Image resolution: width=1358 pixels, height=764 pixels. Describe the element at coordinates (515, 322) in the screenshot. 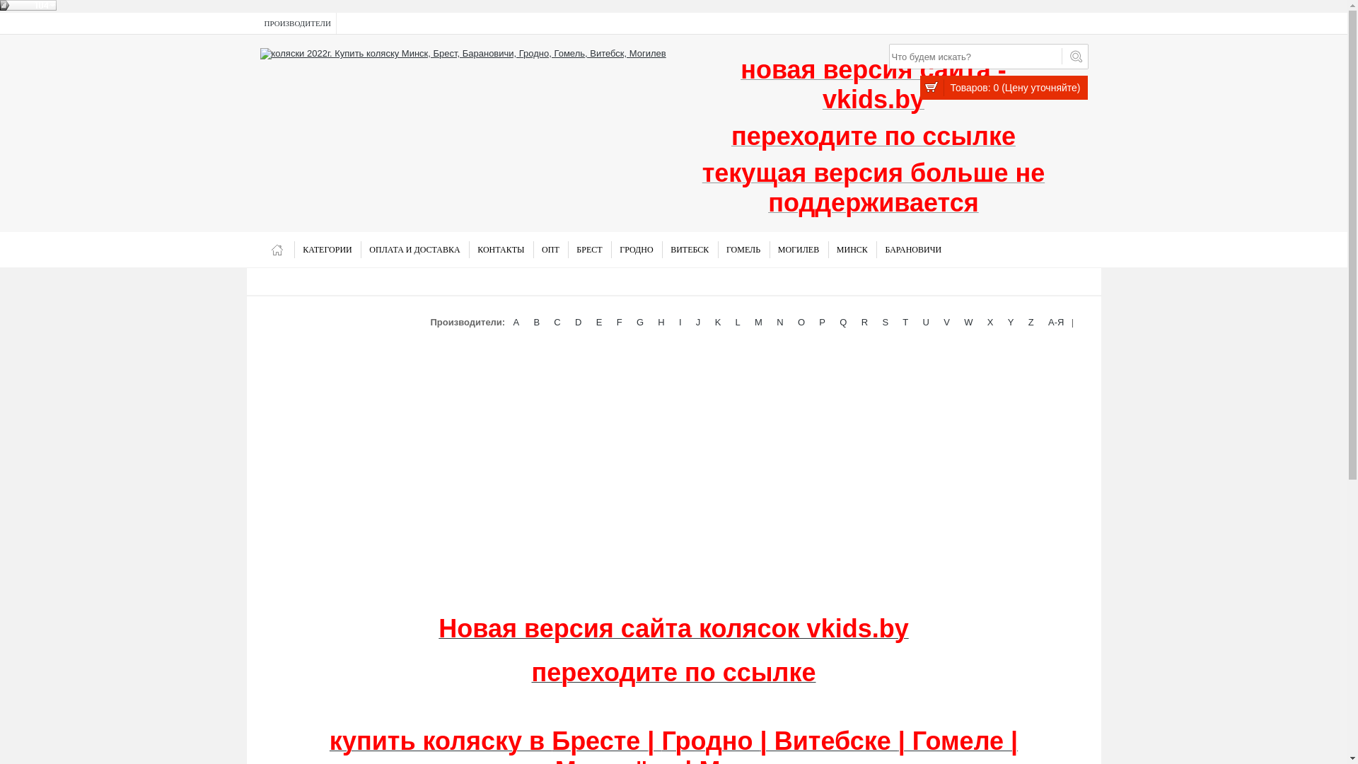

I see `'A'` at that location.